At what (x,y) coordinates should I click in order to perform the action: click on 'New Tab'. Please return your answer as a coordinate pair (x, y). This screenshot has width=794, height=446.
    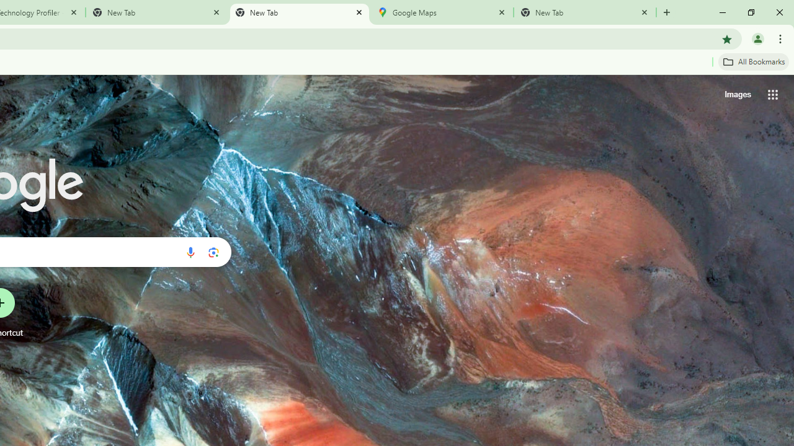
    Looking at the image, I should click on (584, 12).